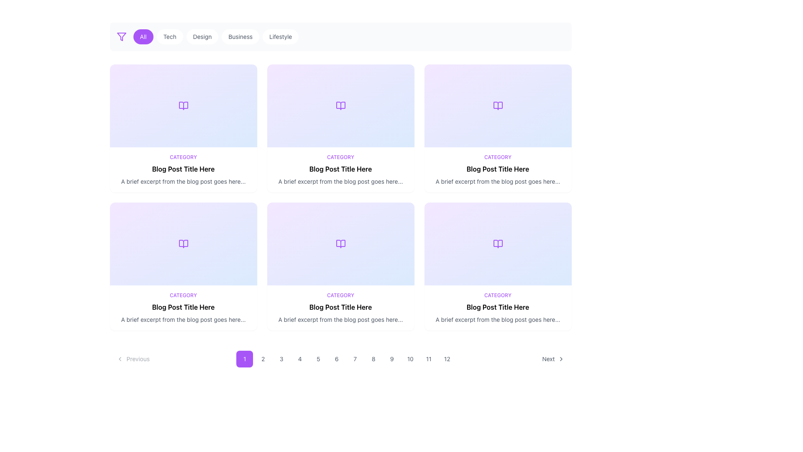 This screenshot has height=452, width=803. What do you see at coordinates (183, 157) in the screenshot?
I see `text content of the Text label located above the title text 'Blog Post Title Here' in the first card of the grid layout` at bounding box center [183, 157].